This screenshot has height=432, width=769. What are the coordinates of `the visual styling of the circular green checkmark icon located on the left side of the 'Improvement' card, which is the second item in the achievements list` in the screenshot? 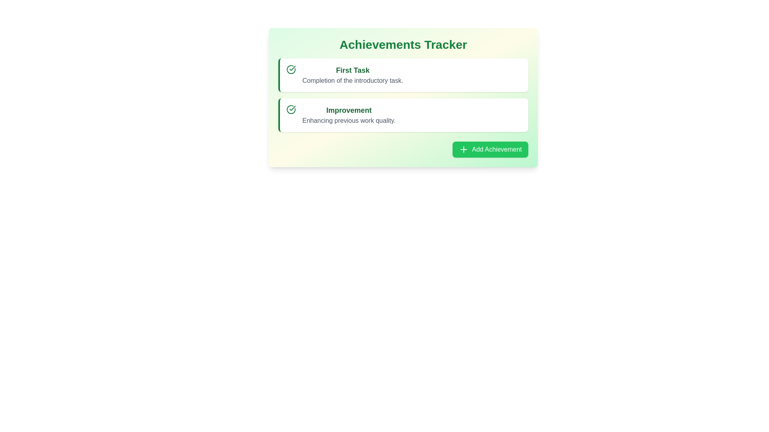 It's located at (290, 109).